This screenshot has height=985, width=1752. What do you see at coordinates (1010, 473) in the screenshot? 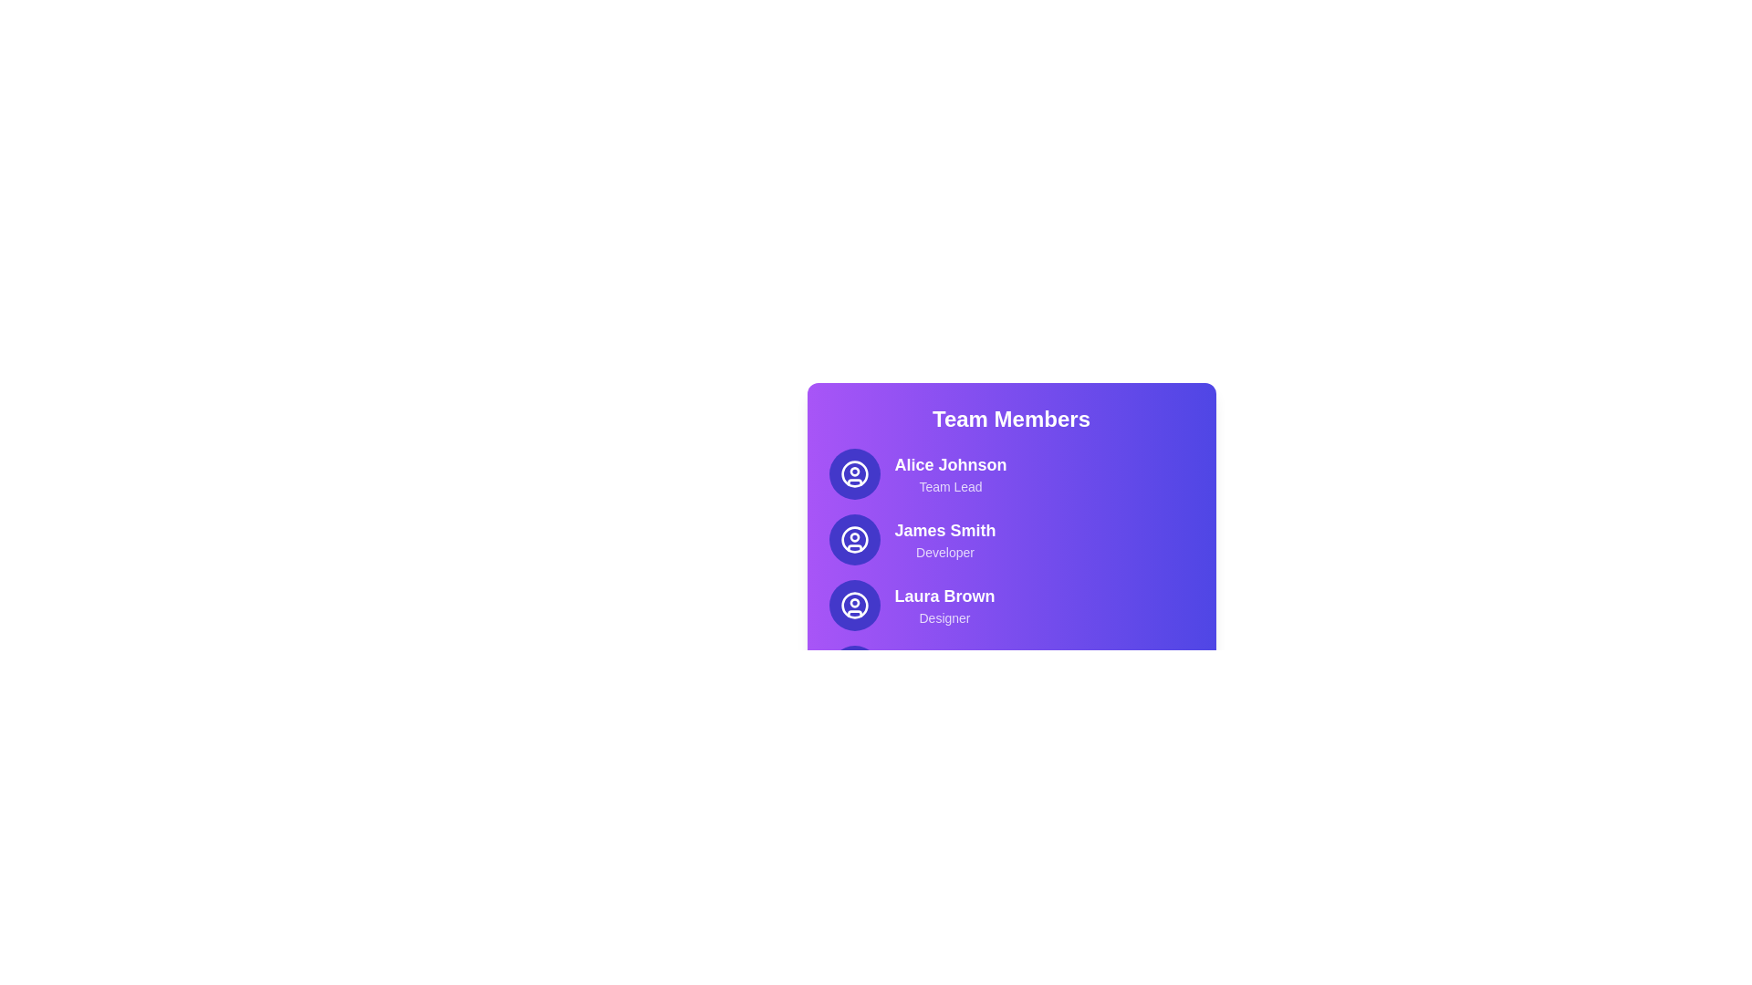
I see `the name 'Alice Johnson'` at bounding box center [1010, 473].